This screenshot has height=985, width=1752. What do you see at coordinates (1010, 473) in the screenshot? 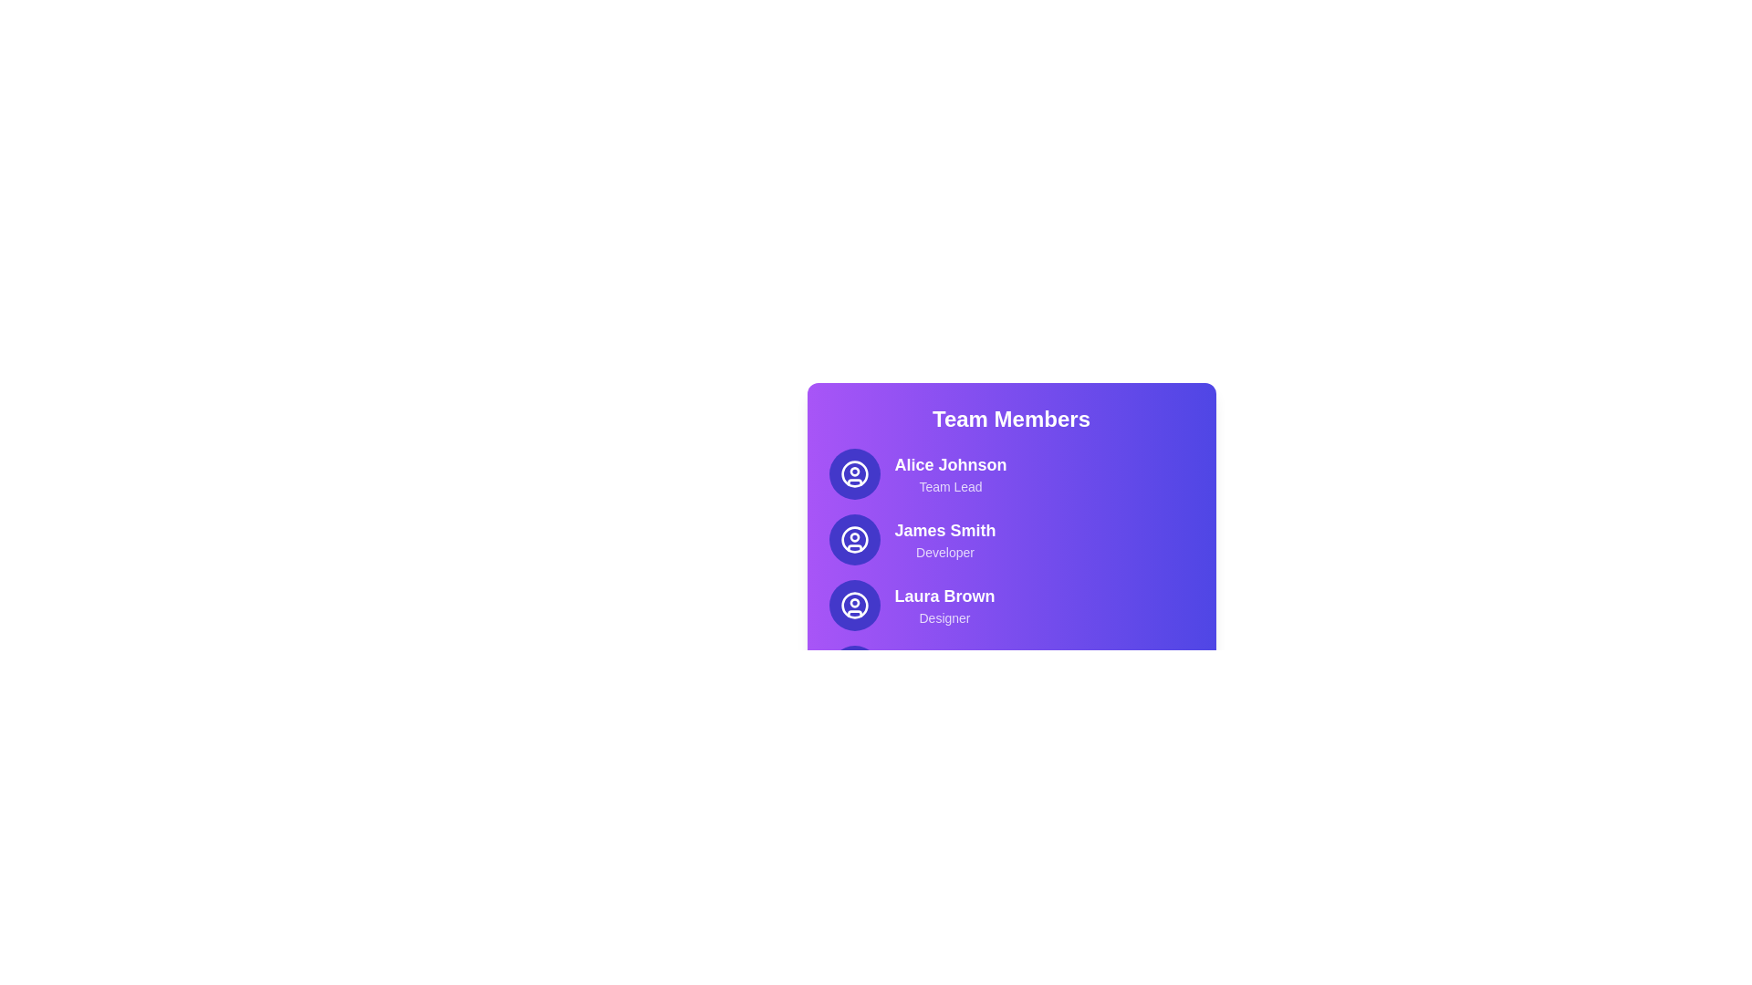
I see `the name 'Alice Johnson'` at bounding box center [1010, 473].